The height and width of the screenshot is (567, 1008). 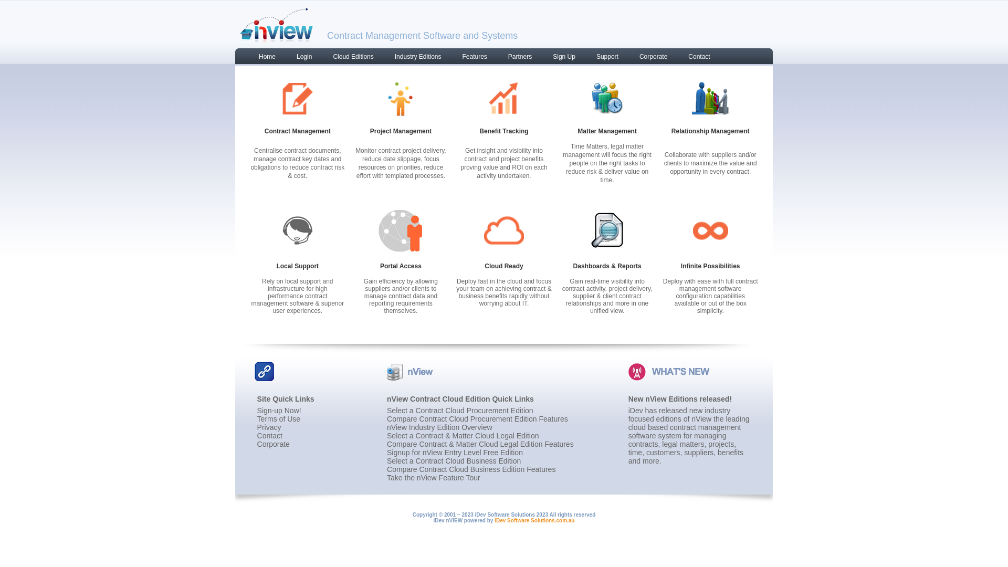 What do you see at coordinates (257, 427) in the screenshot?
I see `'Privacy'` at bounding box center [257, 427].